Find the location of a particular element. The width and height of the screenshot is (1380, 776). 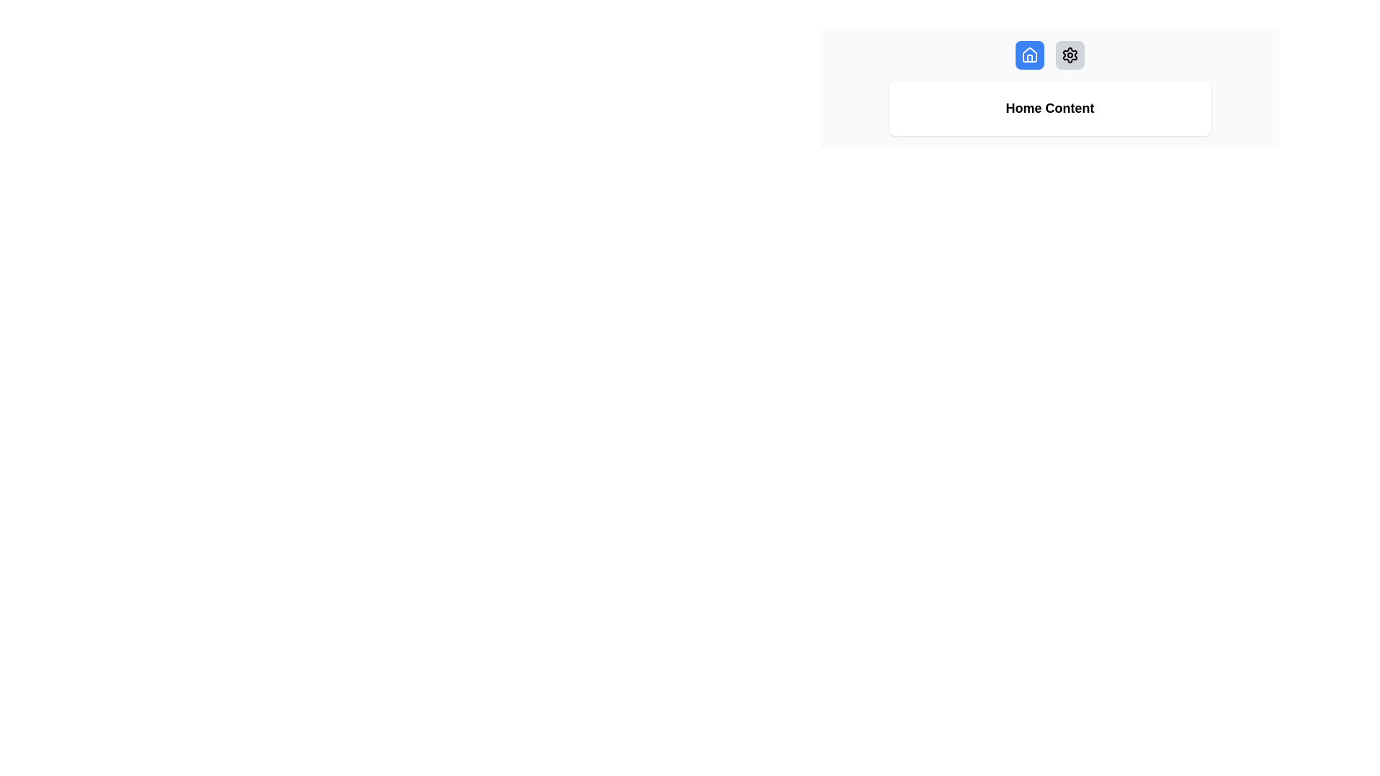

the settings icon located as the second icon from the left in the top navigation bar is located at coordinates (1069, 55).